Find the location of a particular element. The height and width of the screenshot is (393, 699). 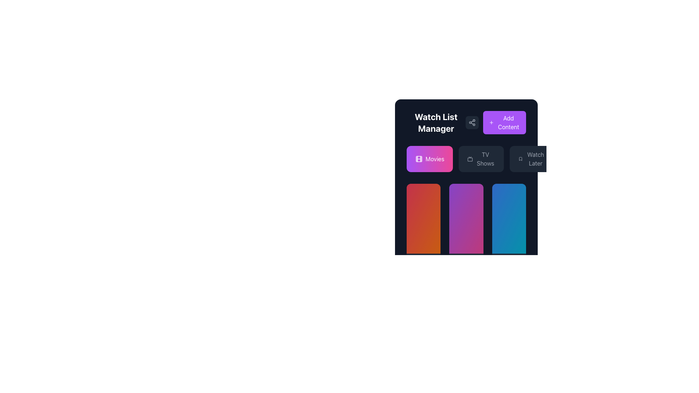

the 'TV Shows' text label, which is part of a button displayed with a light-colored font on a dark background, located in the second position of the navigation buttons is located at coordinates (485, 158).